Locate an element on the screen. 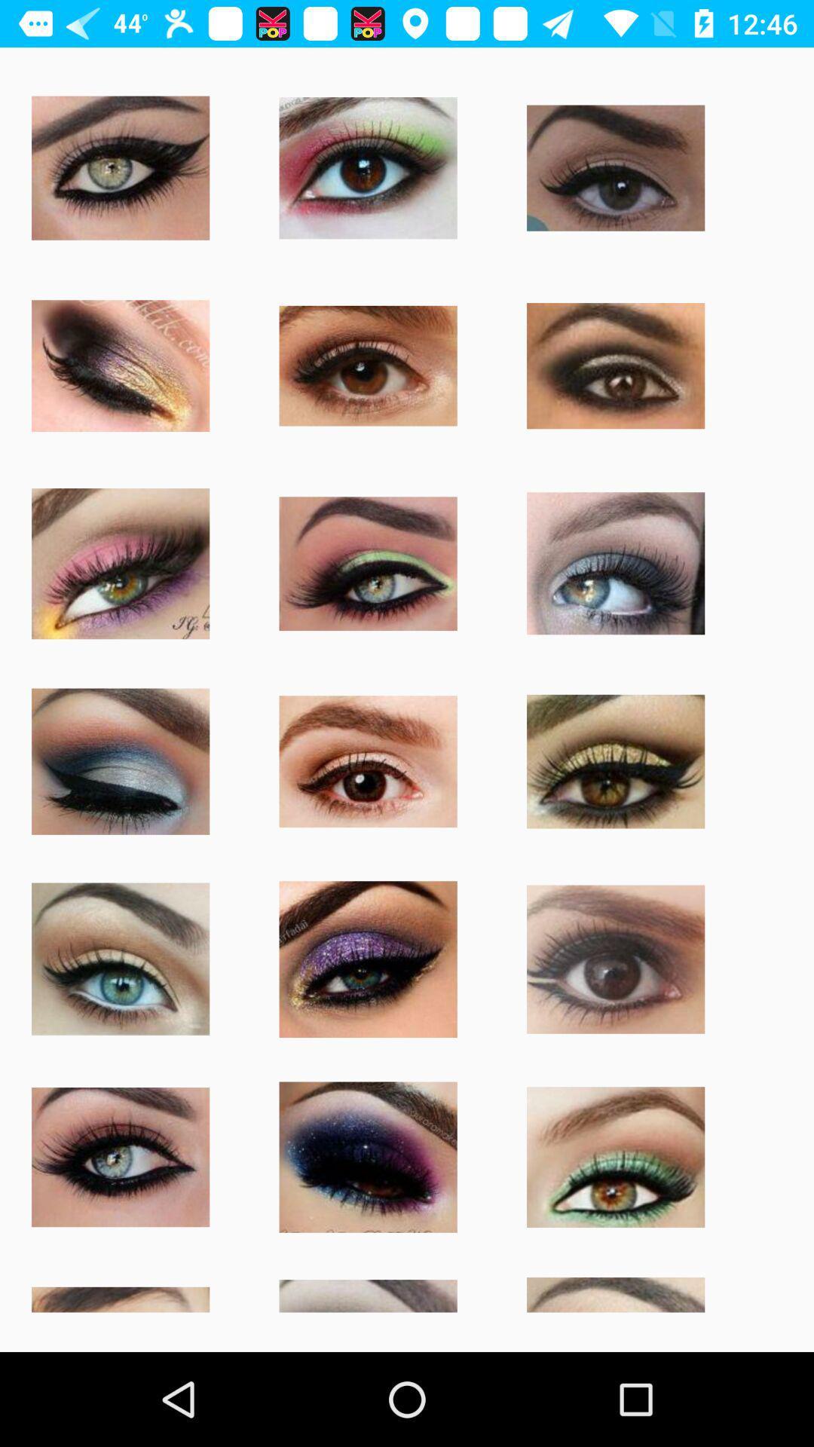 This screenshot has height=1447, width=814. seventh row first image is located at coordinates (119, 1293).